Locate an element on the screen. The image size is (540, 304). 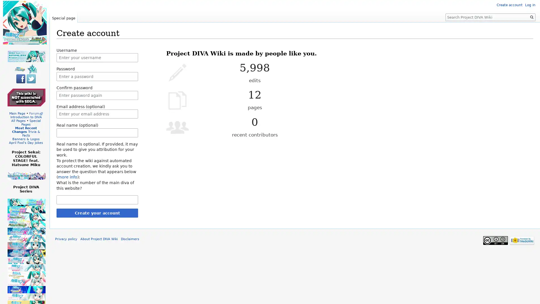
Create your account is located at coordinates (97, 213).